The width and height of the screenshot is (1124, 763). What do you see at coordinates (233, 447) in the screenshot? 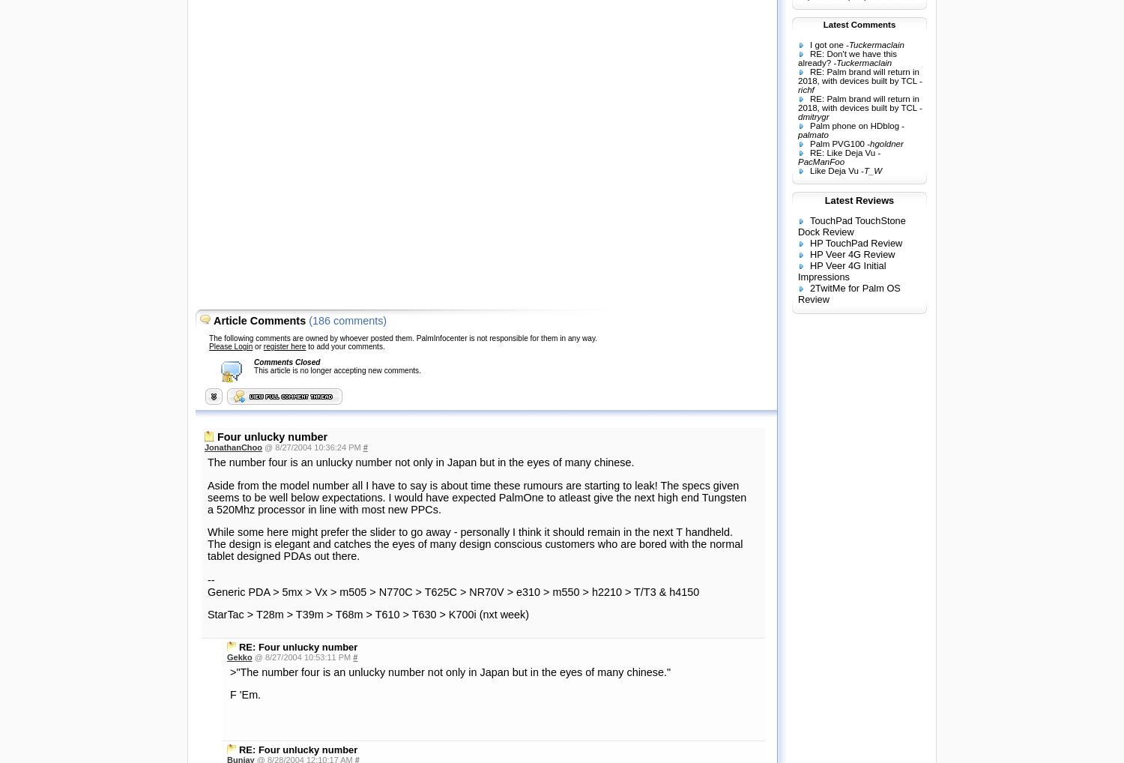
I see `'JonathanChoo'` at bounding box center [233, 447].